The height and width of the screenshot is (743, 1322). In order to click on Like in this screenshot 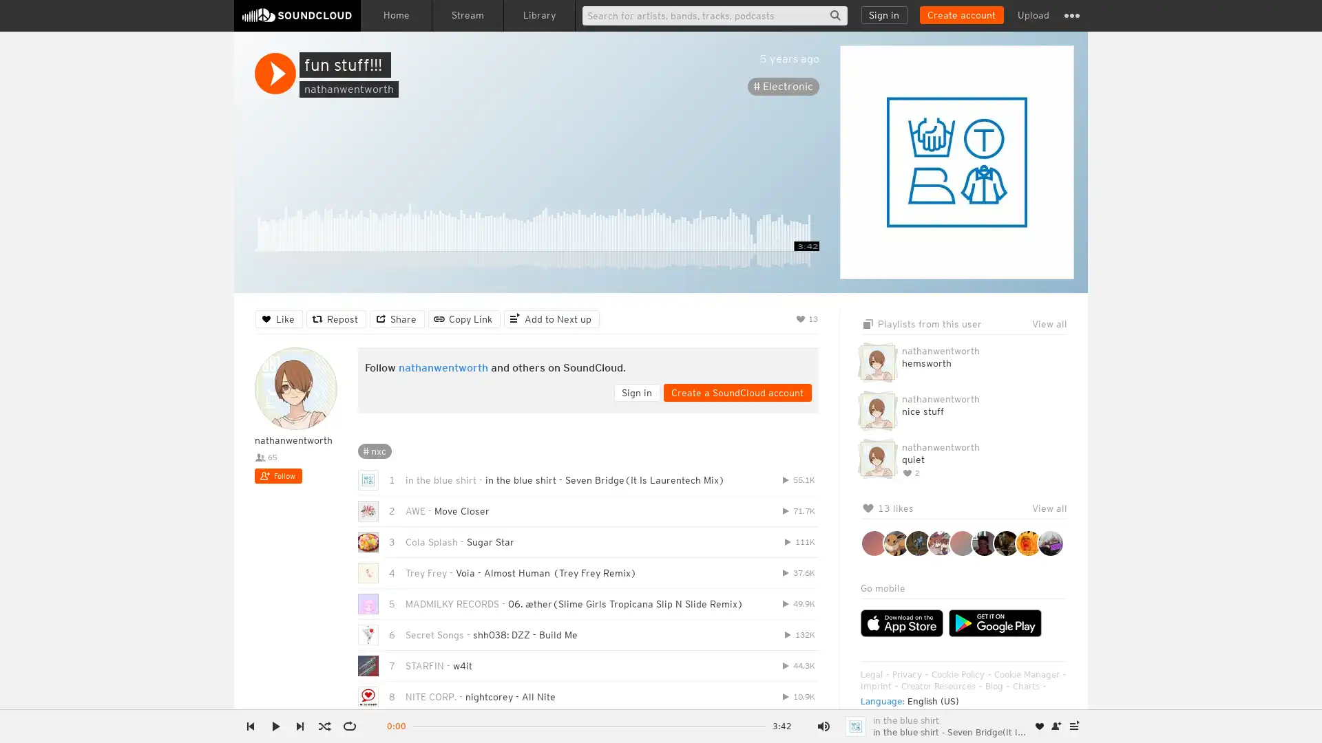, I will do `click(1040, 726)`.